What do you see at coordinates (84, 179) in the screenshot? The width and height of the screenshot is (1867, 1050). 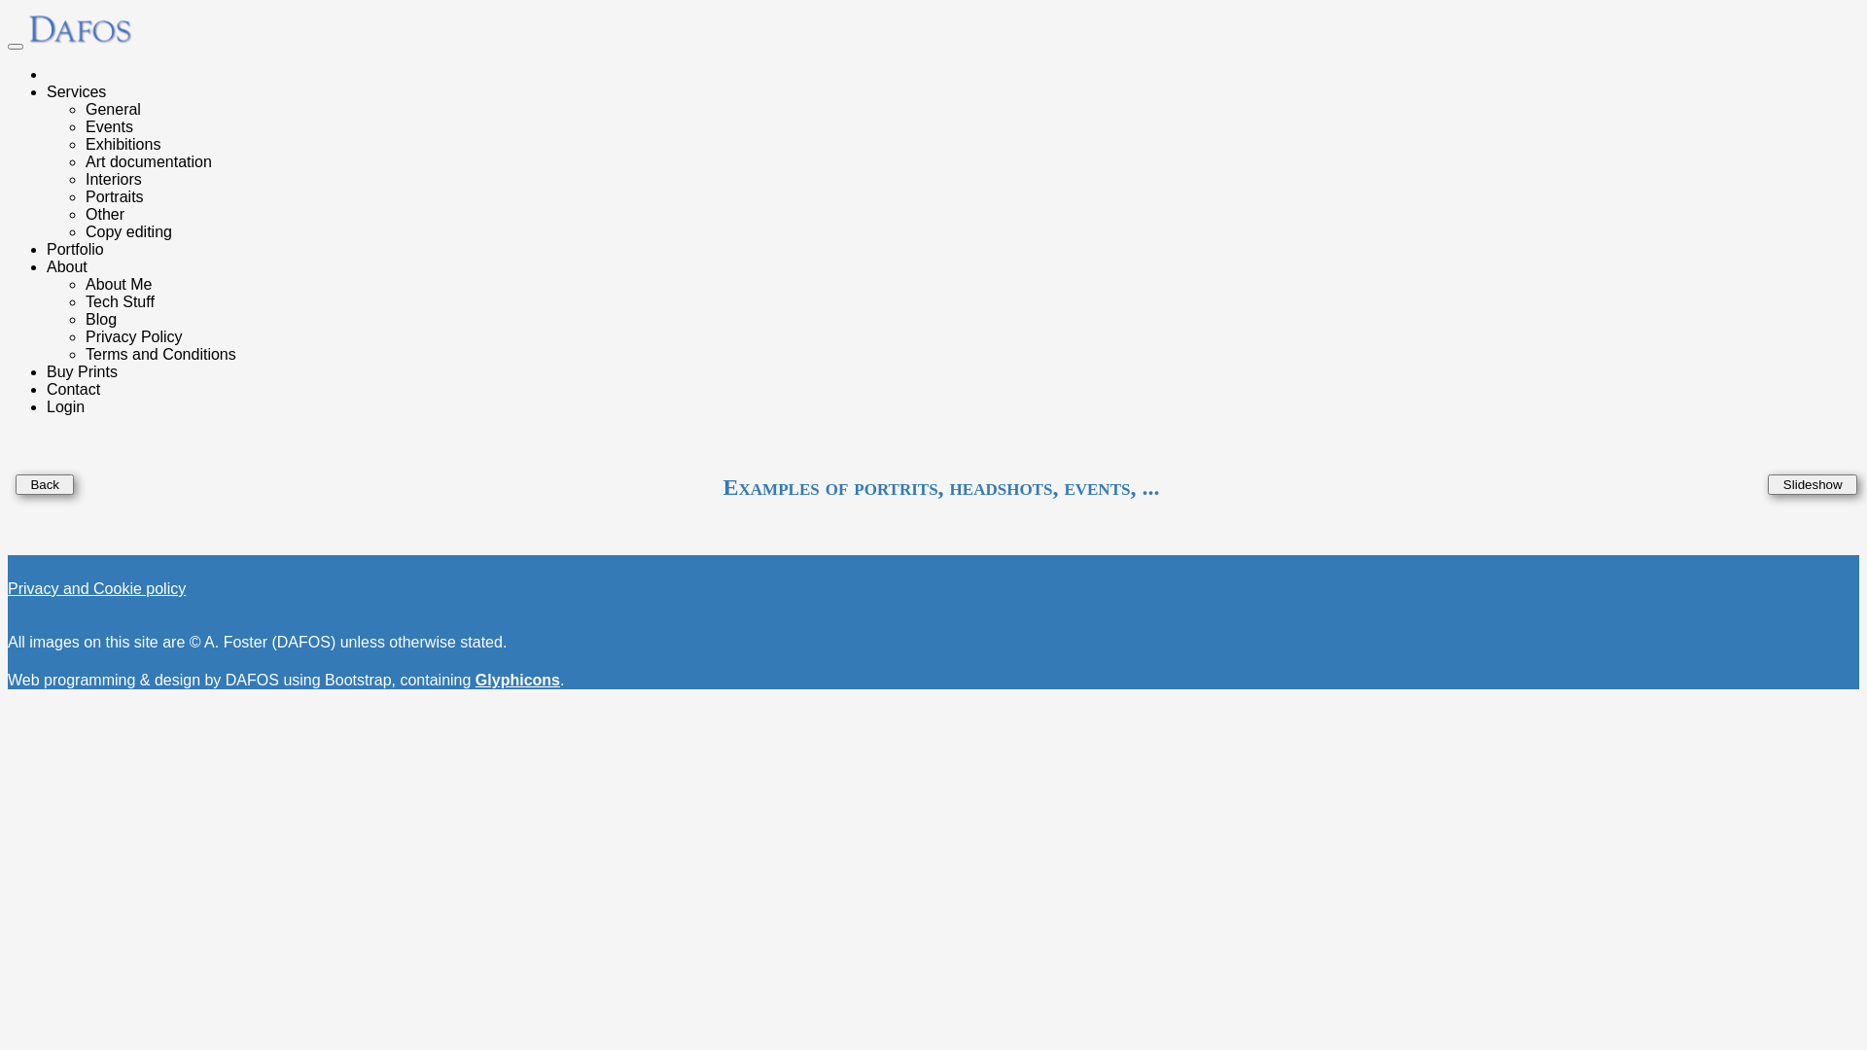 I see `'Interiors'` at bounding box center [84, 179].